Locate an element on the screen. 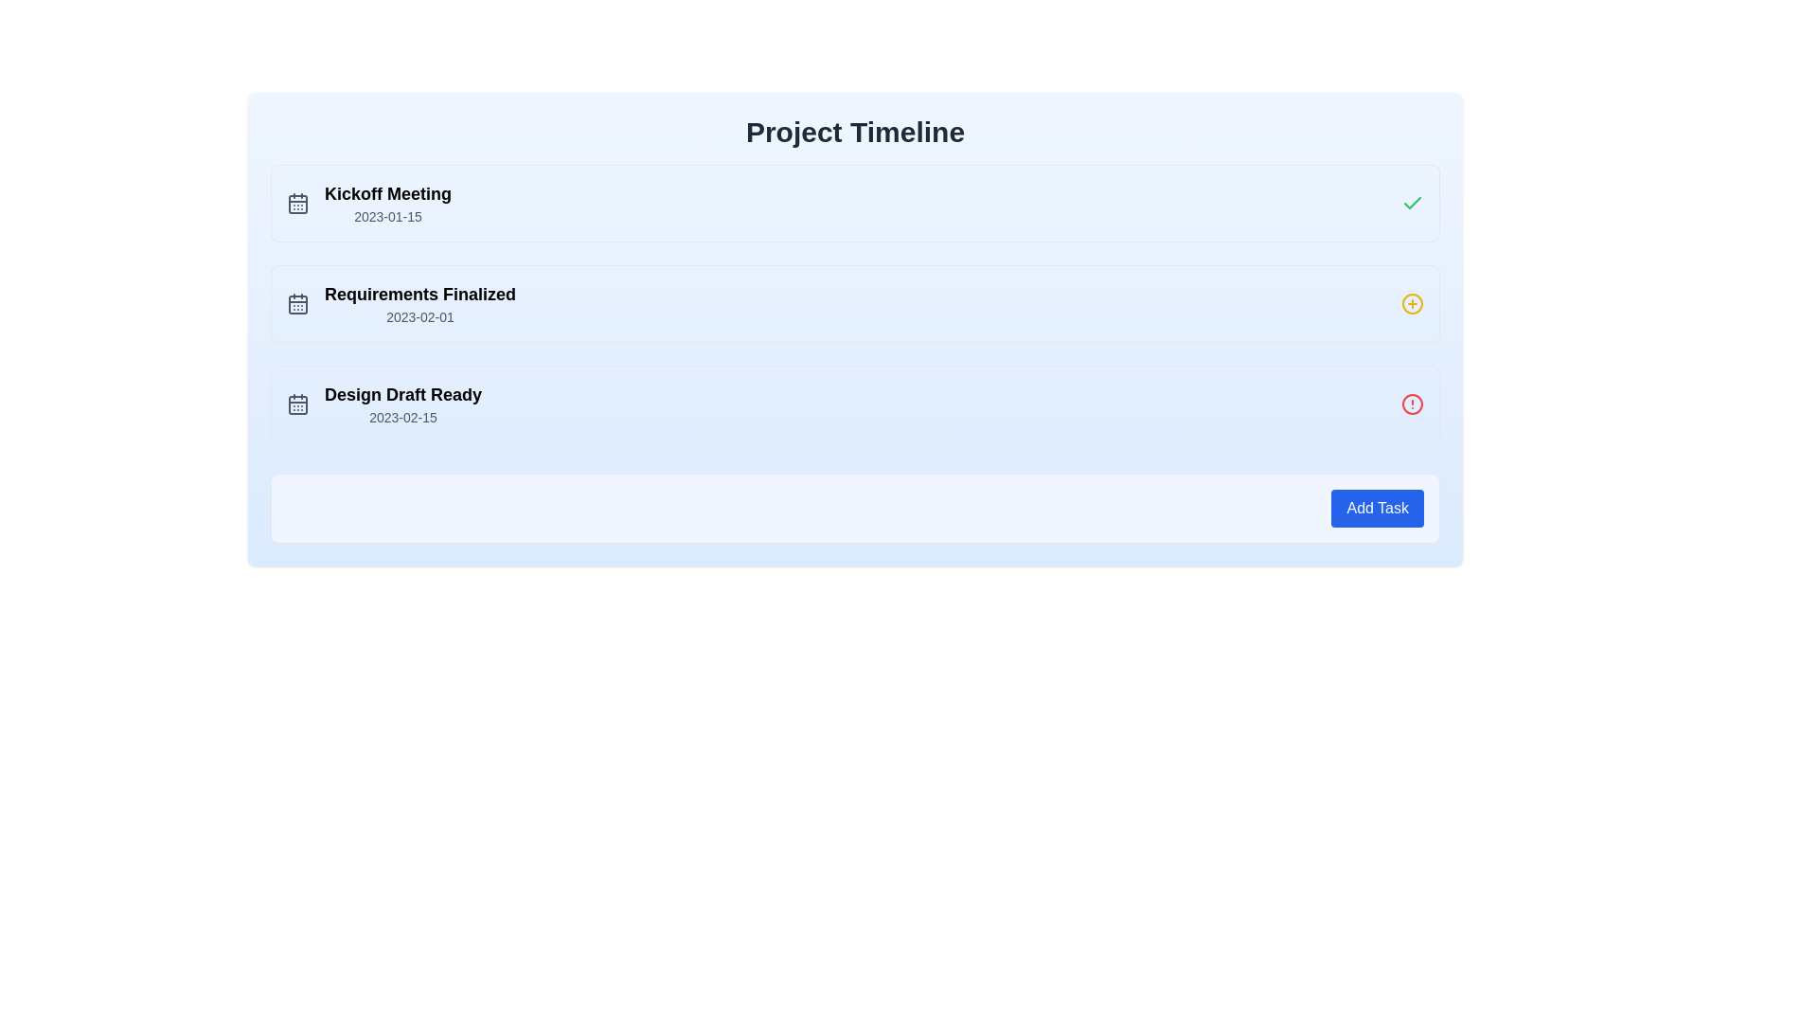  the circular icon with a plus design, which has a yellow border and is located on the far right of the entry labeled 'Requirements Finalized' dated '2023-02-01' is located at coordinates (1413, 302).